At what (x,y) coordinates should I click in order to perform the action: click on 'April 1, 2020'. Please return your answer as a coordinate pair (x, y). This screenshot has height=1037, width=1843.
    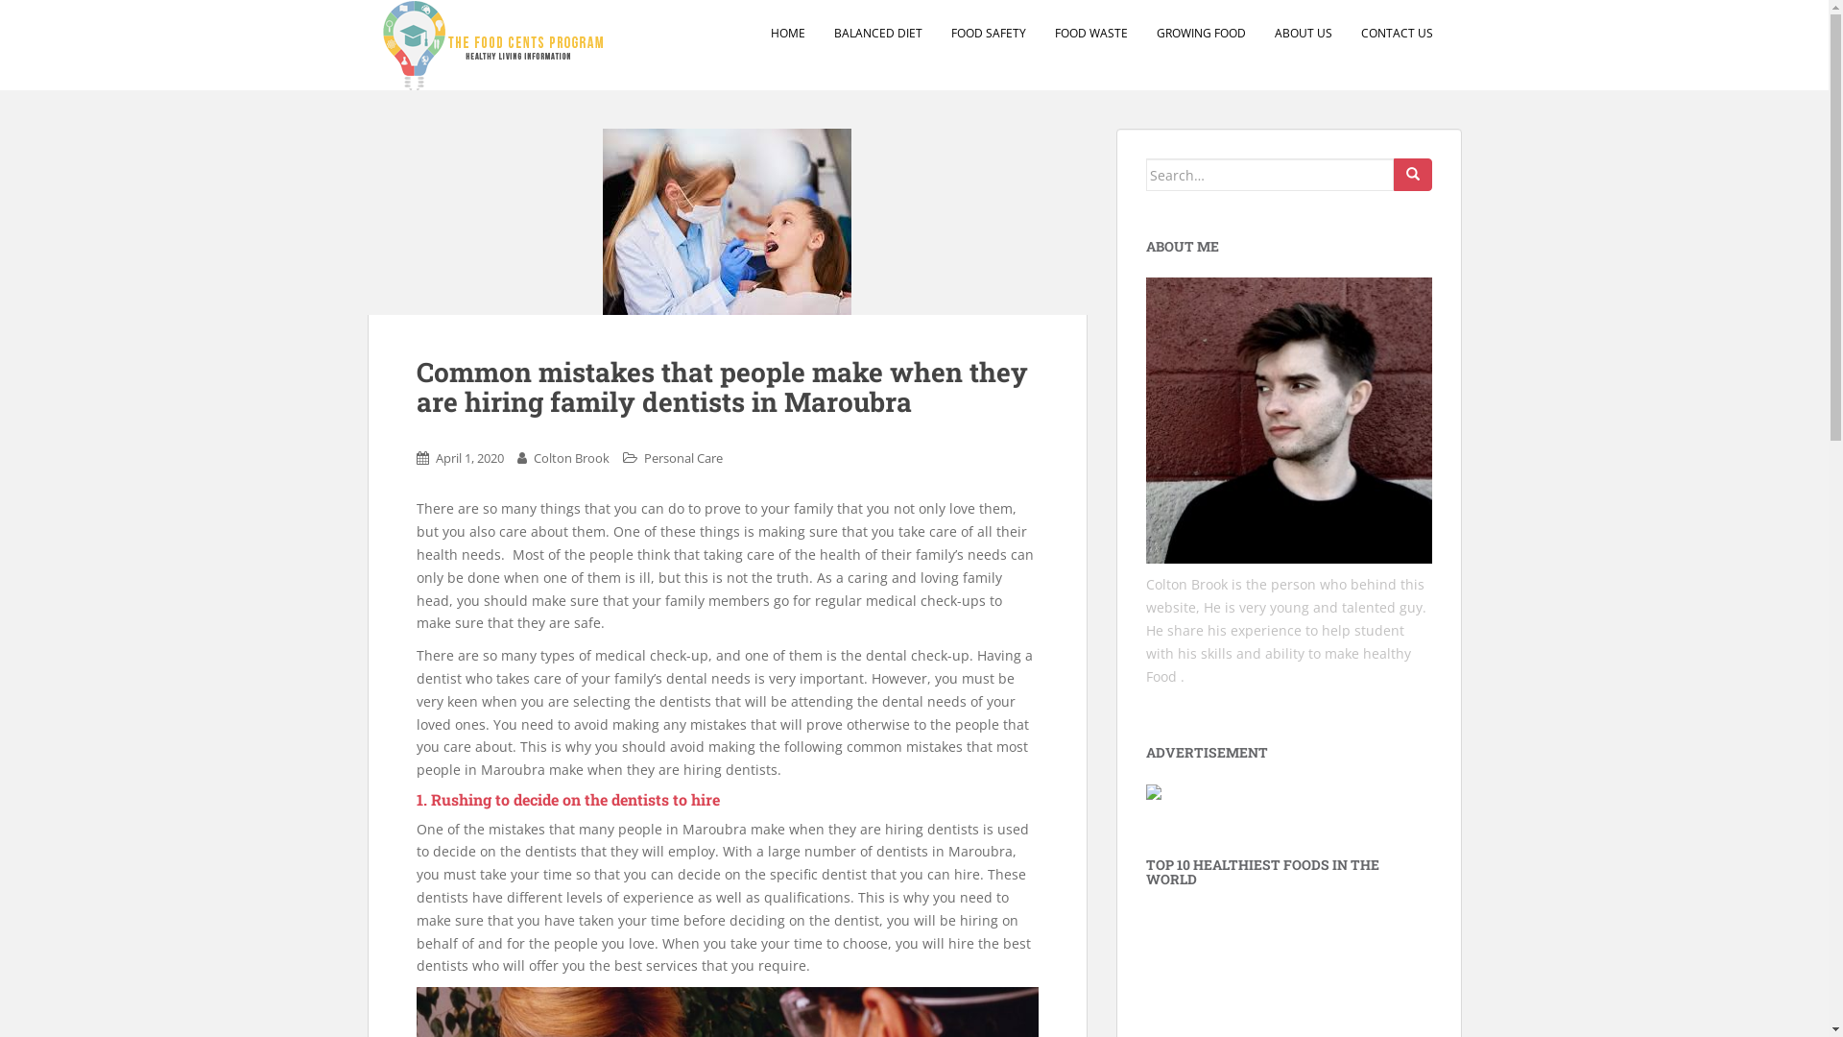
    Looking at the image, I should click on (469, 458).